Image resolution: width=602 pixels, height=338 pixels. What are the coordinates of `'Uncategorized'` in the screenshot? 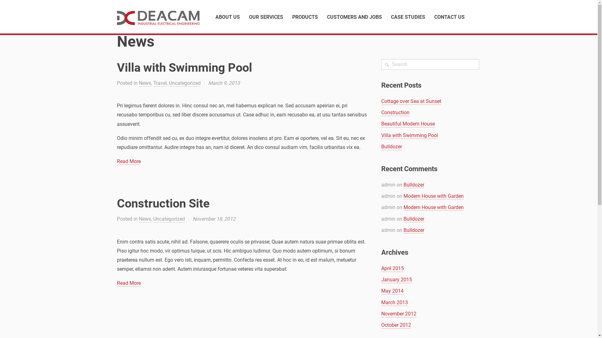 It's located at (168, 83).